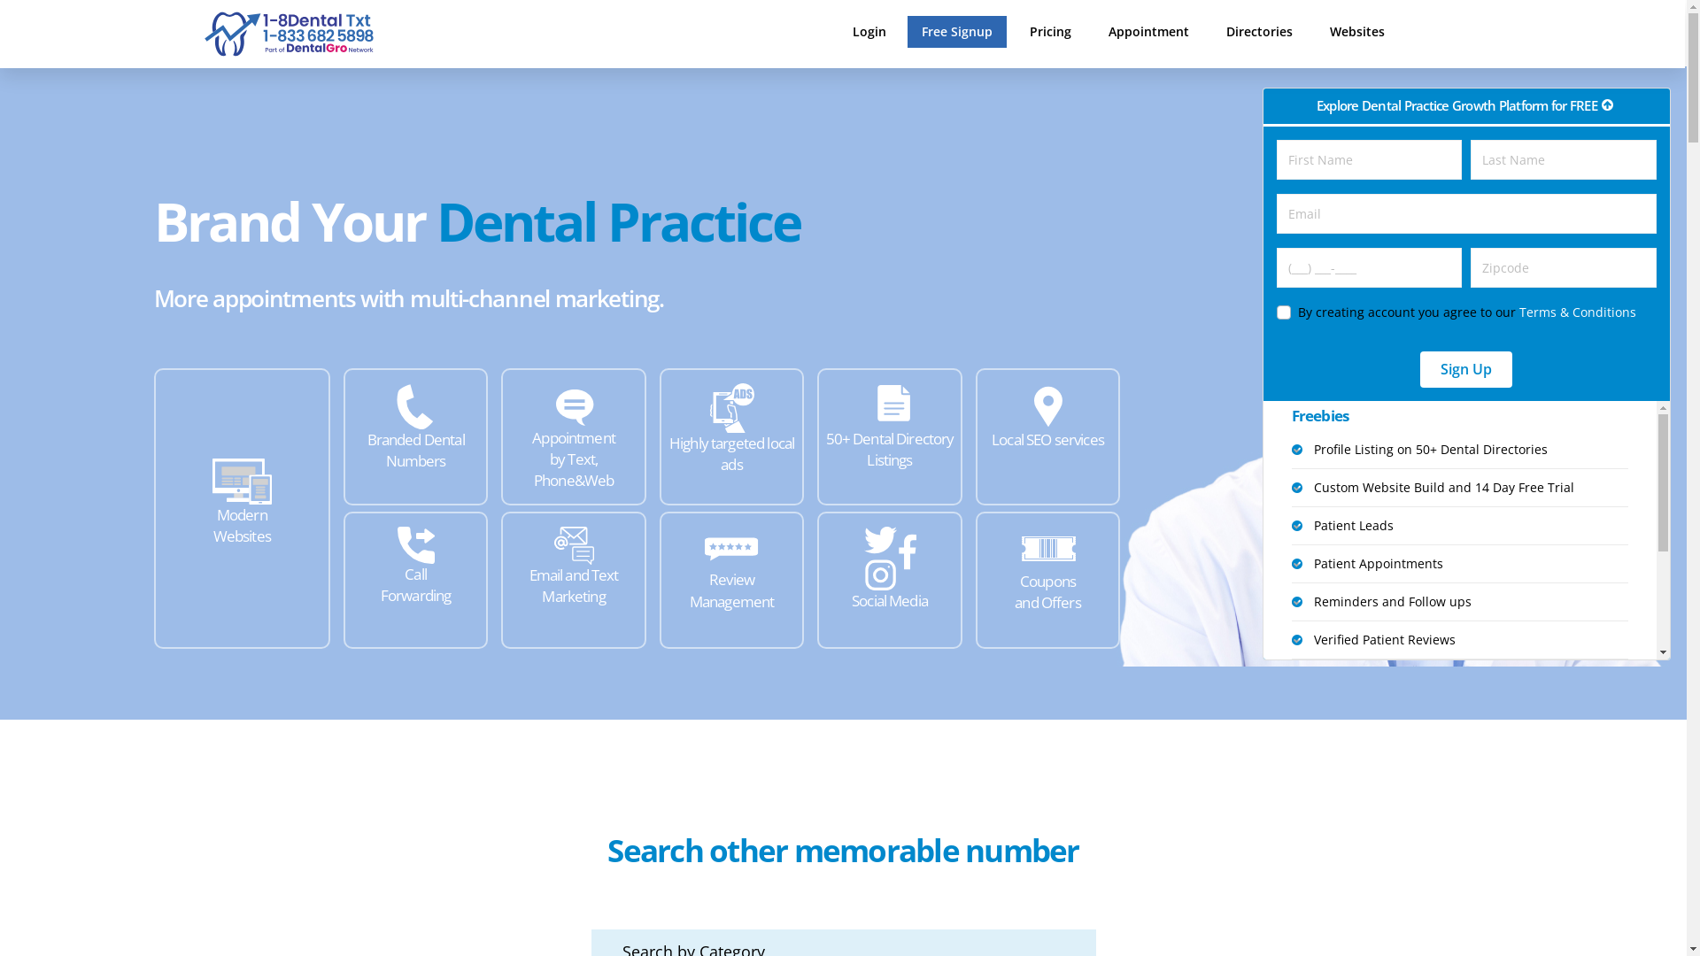 The width and height of the screenshot is (1700, 956). Describe the element at coordinates (1258, 31) in the screenshot. I see `'Directories'` at that location.